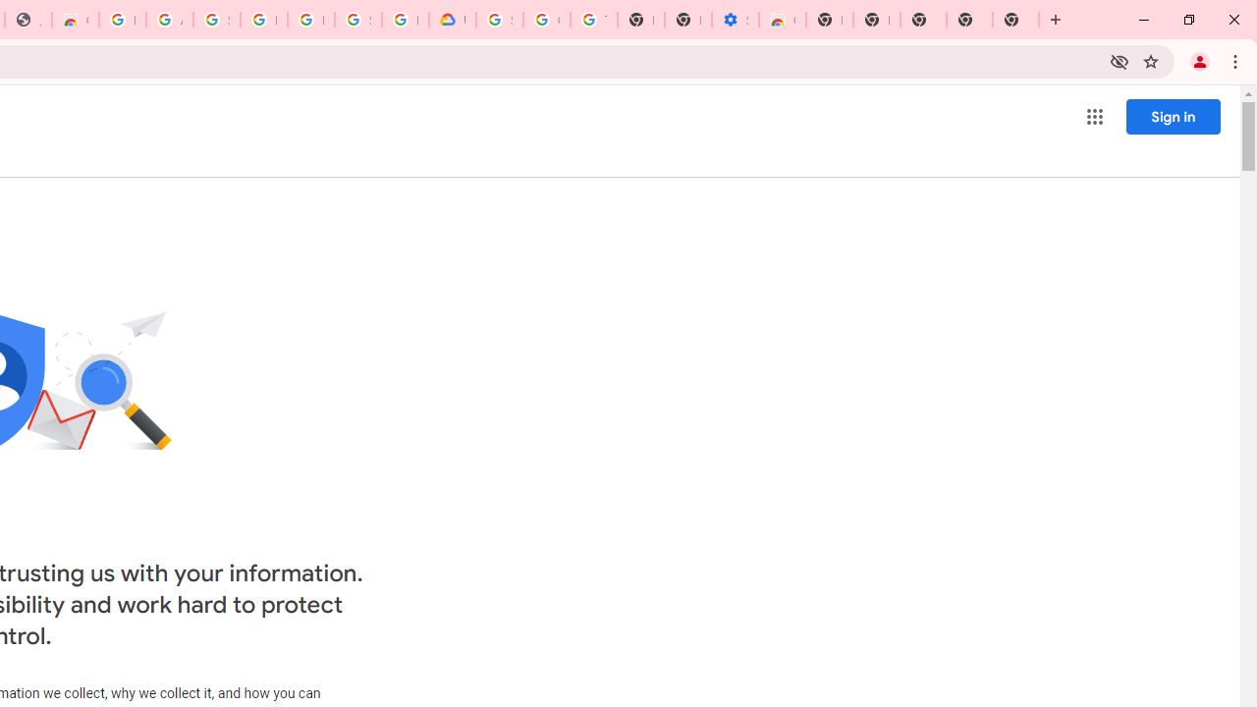 The width and height of the screenshot is (1257, 707). I want to click on 'New Tab', so click(1015, 20).